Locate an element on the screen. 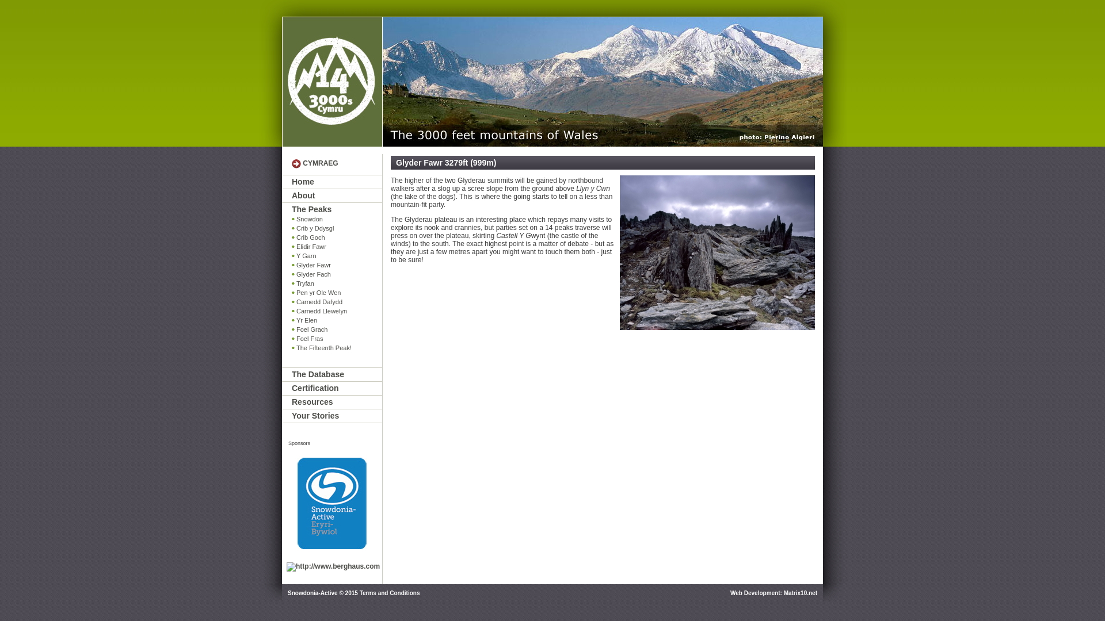 This screenshot has width=1105, height=621. 'About' is located at coordinates (336, 195).